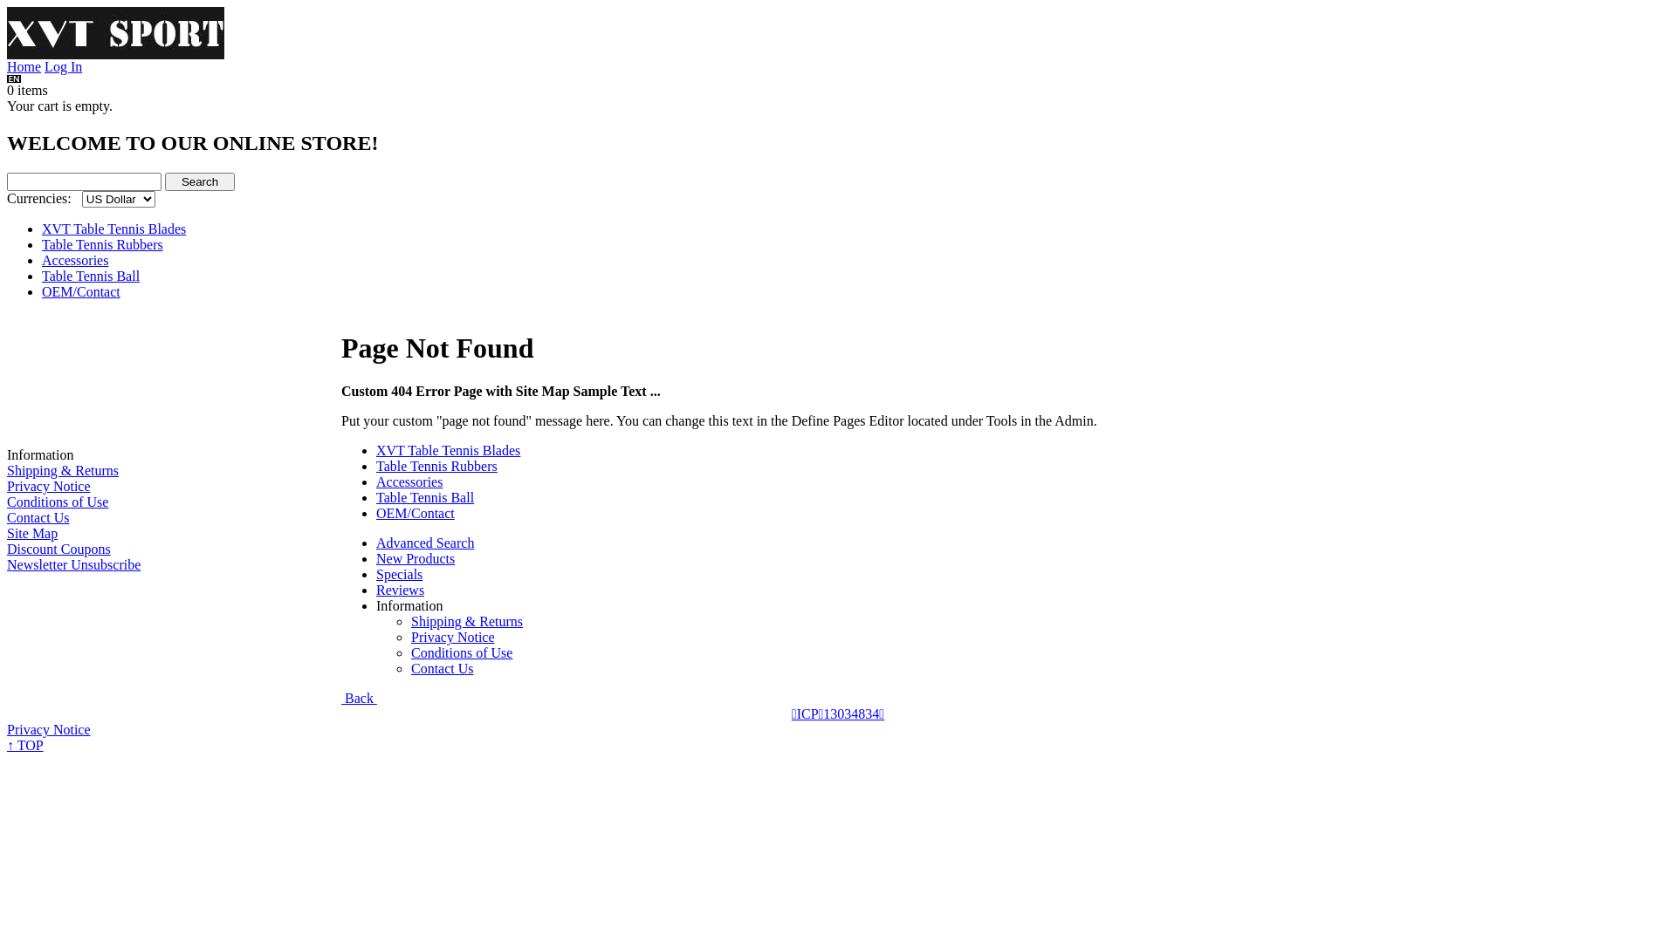 Image resolution: width=1676 pixels, height=942 pixels. Describe the element at coordinates (424, 542) in the screenshot. I see `'Advanced Search'` at that location.